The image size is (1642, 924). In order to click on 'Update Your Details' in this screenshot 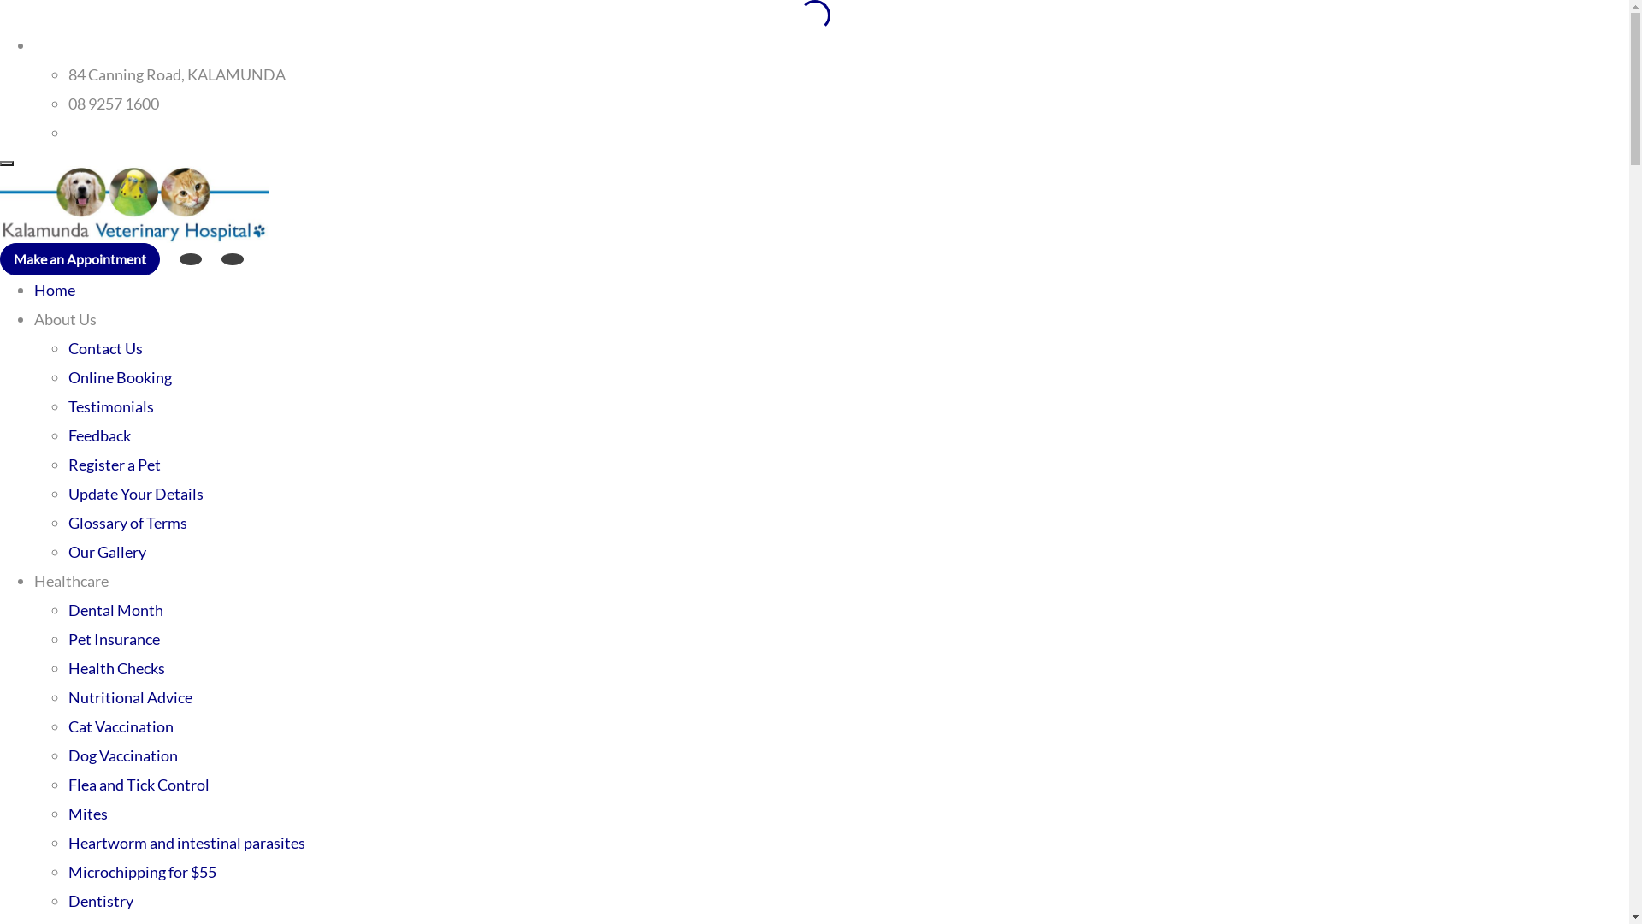, I will do `click(68, 494)`.